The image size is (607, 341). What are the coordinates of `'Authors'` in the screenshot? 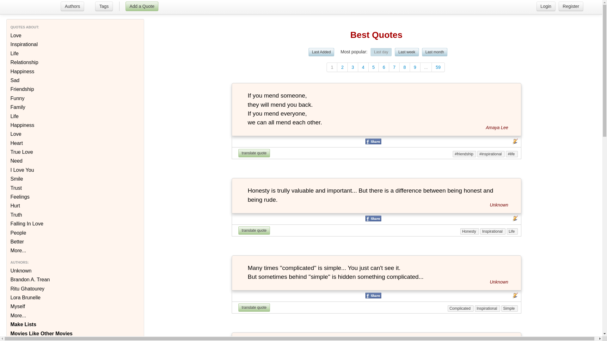 It's located at (61, 6).